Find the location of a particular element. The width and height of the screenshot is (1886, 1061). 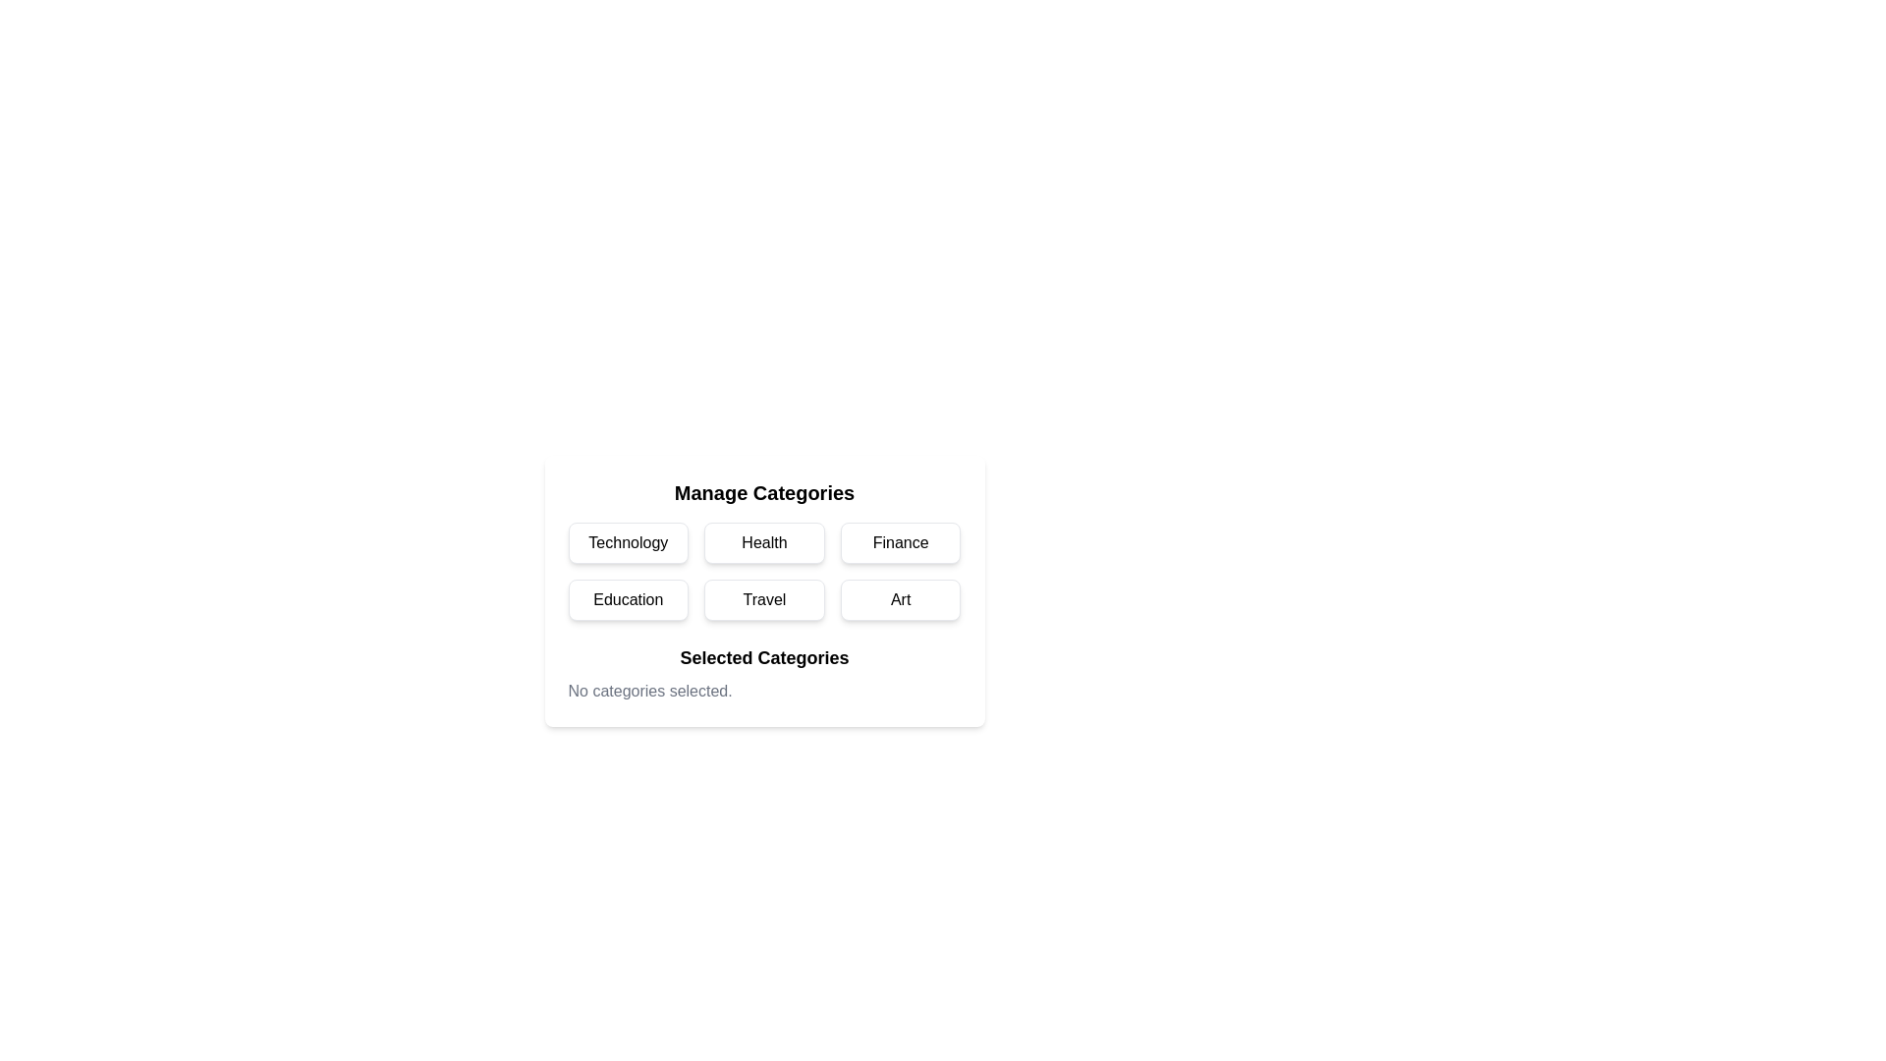

the bold, black header text label that reads 'Selected Categories', which is centrally aligned and positioned above the descriptive text 'No categories selected' is located at coordinates (763, 658).